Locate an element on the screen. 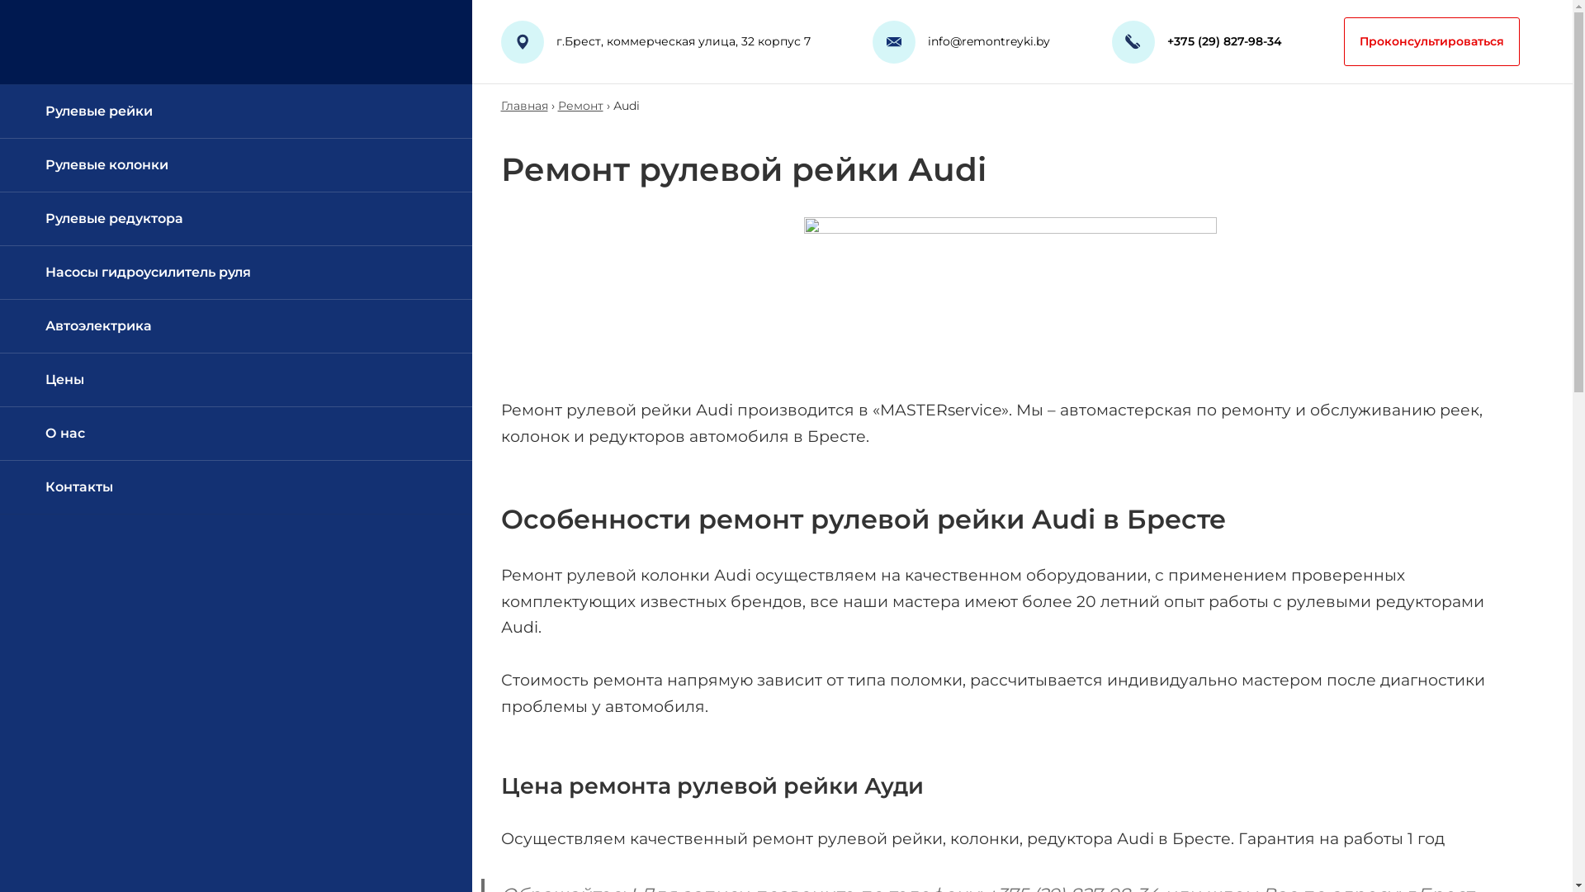 Image resolution: width=1585 pixels, height=892 pixels. 'info@remontreyki.by' is located at coordinates (989, 40).